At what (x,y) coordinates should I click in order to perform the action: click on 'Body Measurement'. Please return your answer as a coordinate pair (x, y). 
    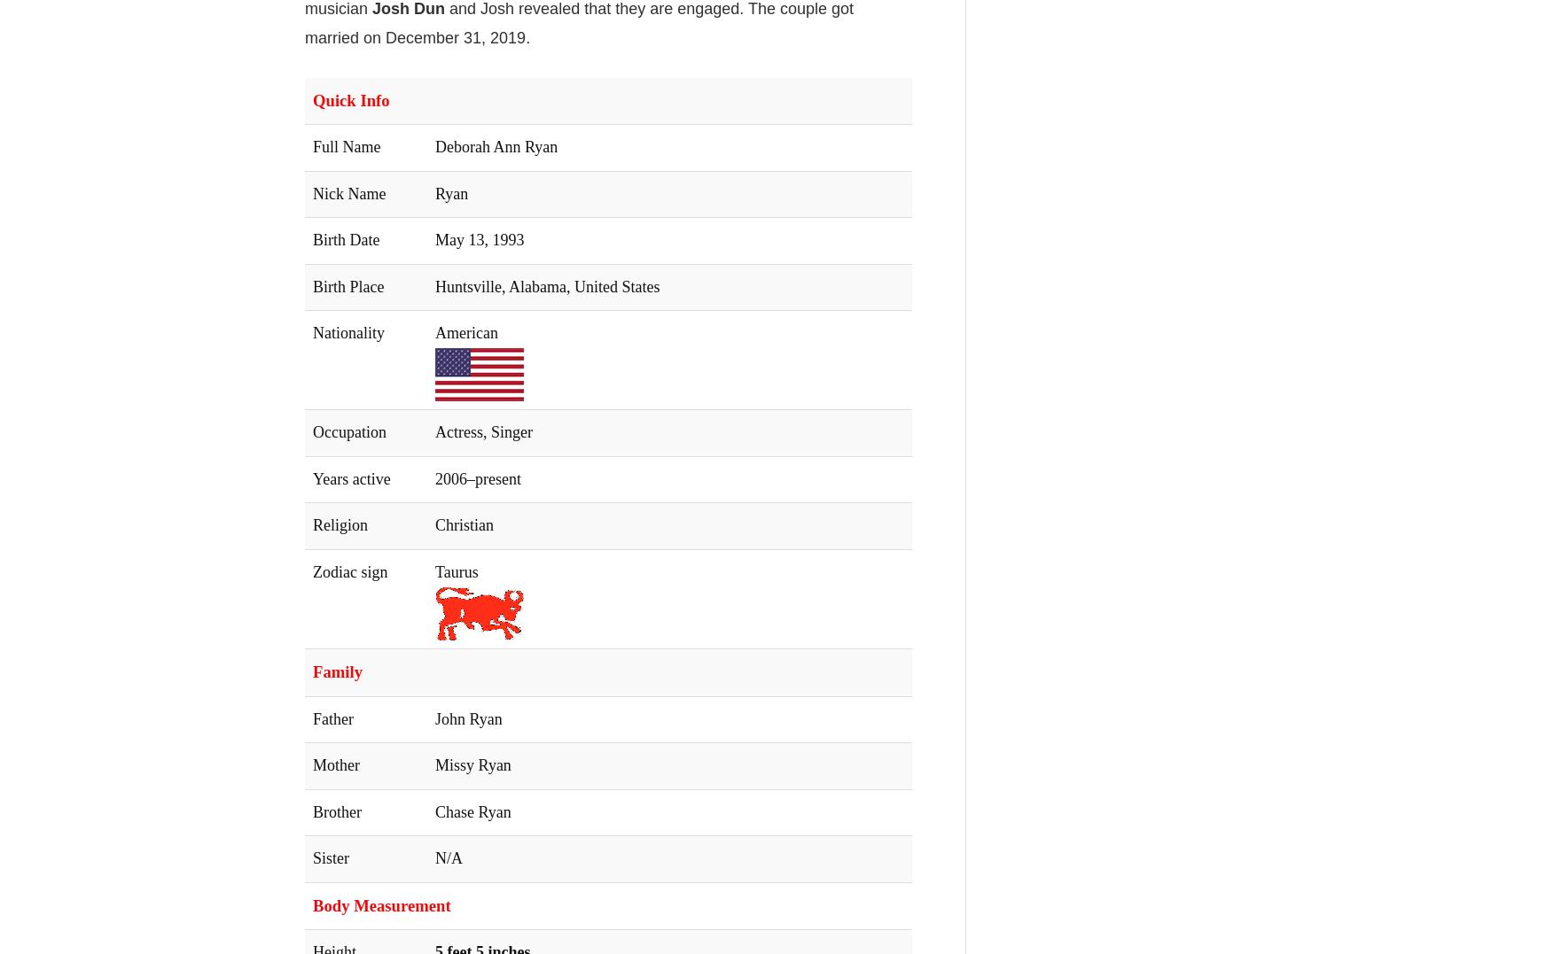
    Looking at the image, I should click on (380, 904).